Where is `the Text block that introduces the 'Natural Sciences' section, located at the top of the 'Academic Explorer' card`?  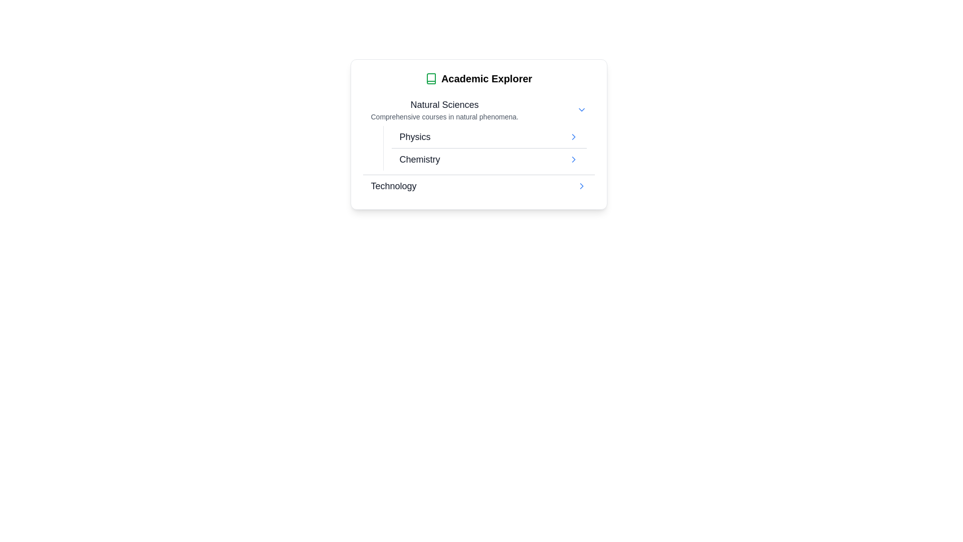
the Text block that introduces the 'Natural Sciences' section, located at the top of the 'Academic Explorer' card is located at coordinates (444, 110).